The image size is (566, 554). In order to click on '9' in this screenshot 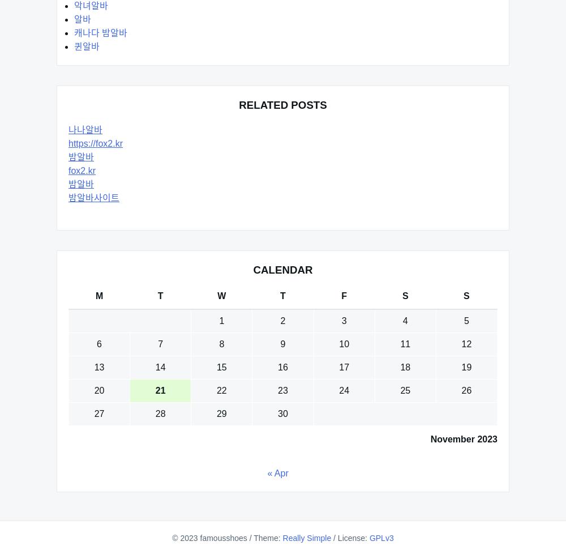, I will do `click(282, 344)`.